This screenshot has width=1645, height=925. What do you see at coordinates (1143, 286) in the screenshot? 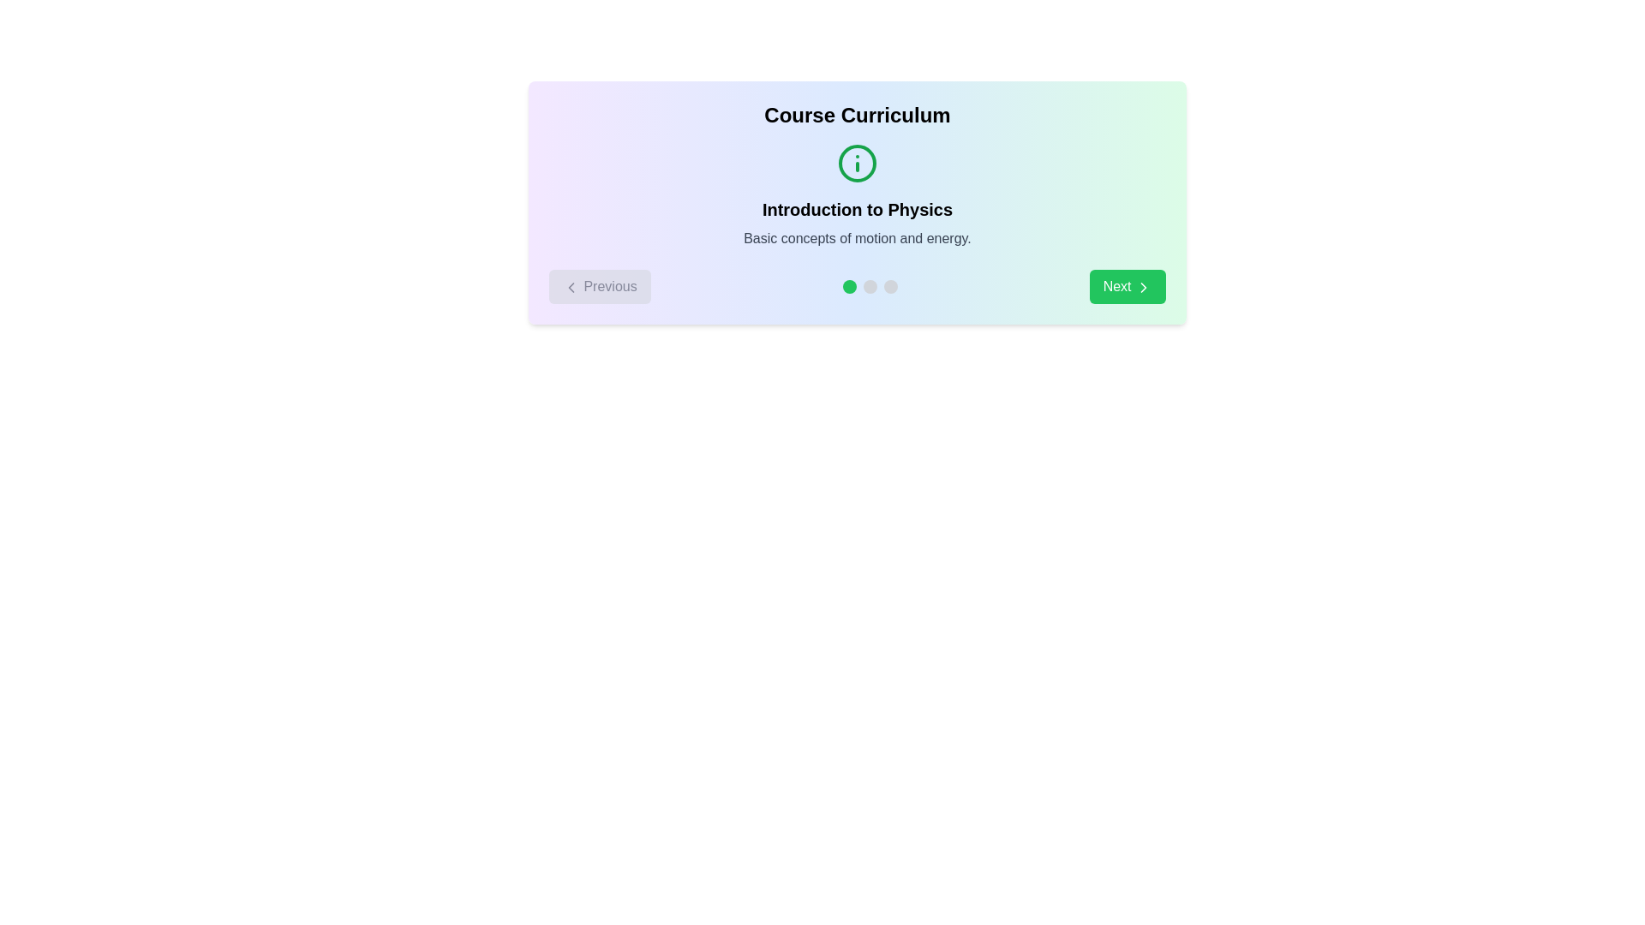
I see `the chevron icon located at the center of the 'Next' button in the lower-right corner of the card-like UI segment to proceed` at bounding box center [1143, 286].